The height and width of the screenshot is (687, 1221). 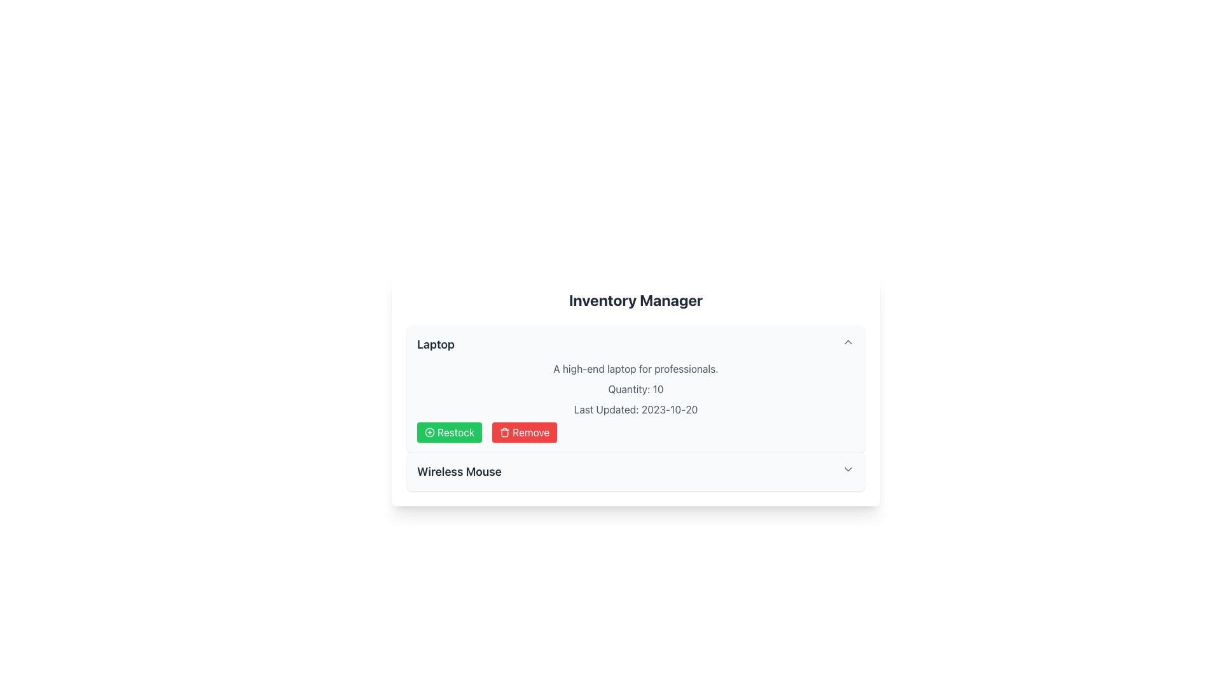 What do you see at coordinates (848, 469) in the screenshot?
I see `the chevron-down icon next to the 'Wireless Mouse' text` at bounding box center [848, 469].